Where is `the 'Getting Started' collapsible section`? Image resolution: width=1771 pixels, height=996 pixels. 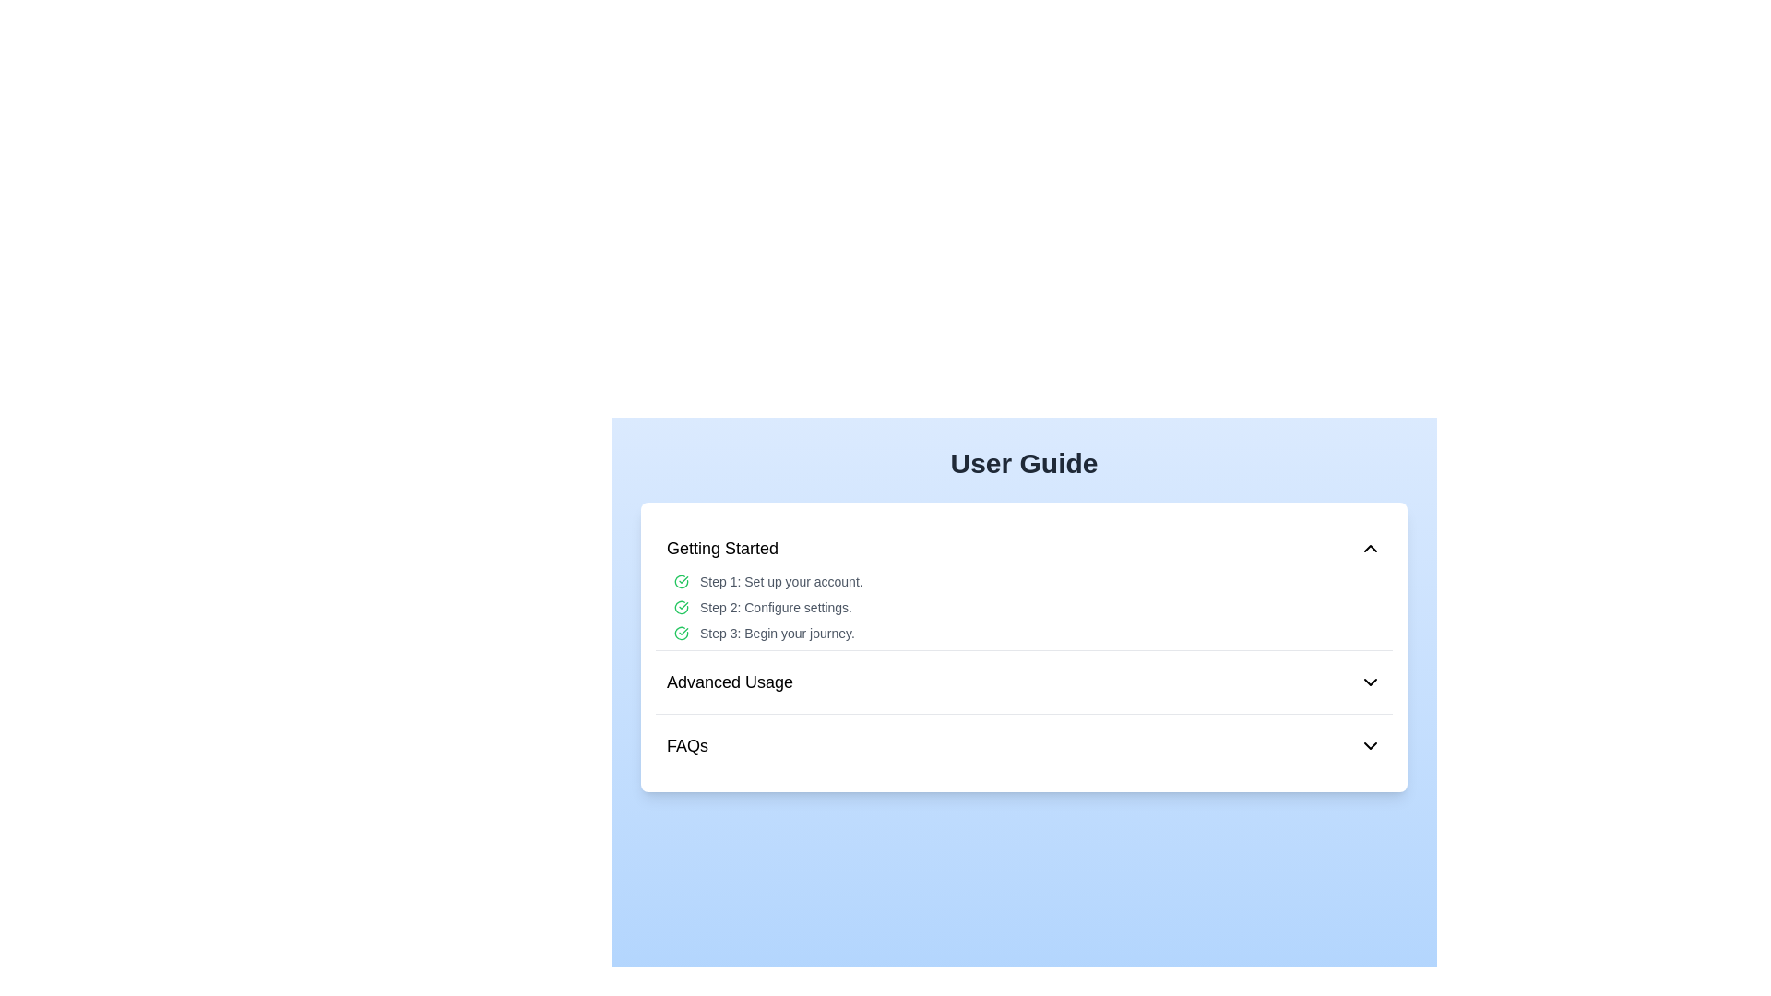
the 'Getting Started' collapsible section is located at coordinates (1023, 584).